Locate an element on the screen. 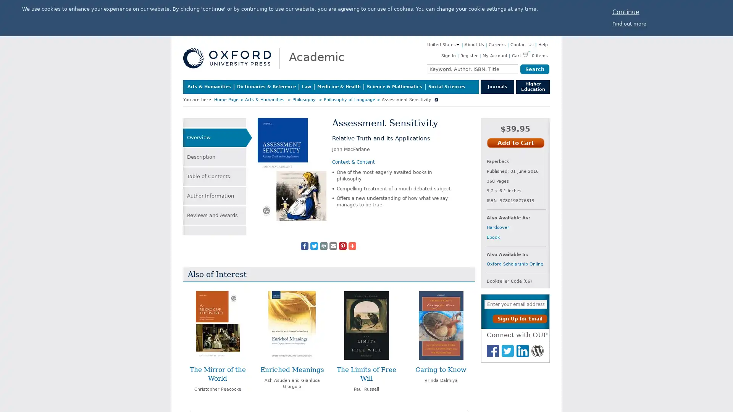  Share to Pinterest is located at coordinates (342, 246).